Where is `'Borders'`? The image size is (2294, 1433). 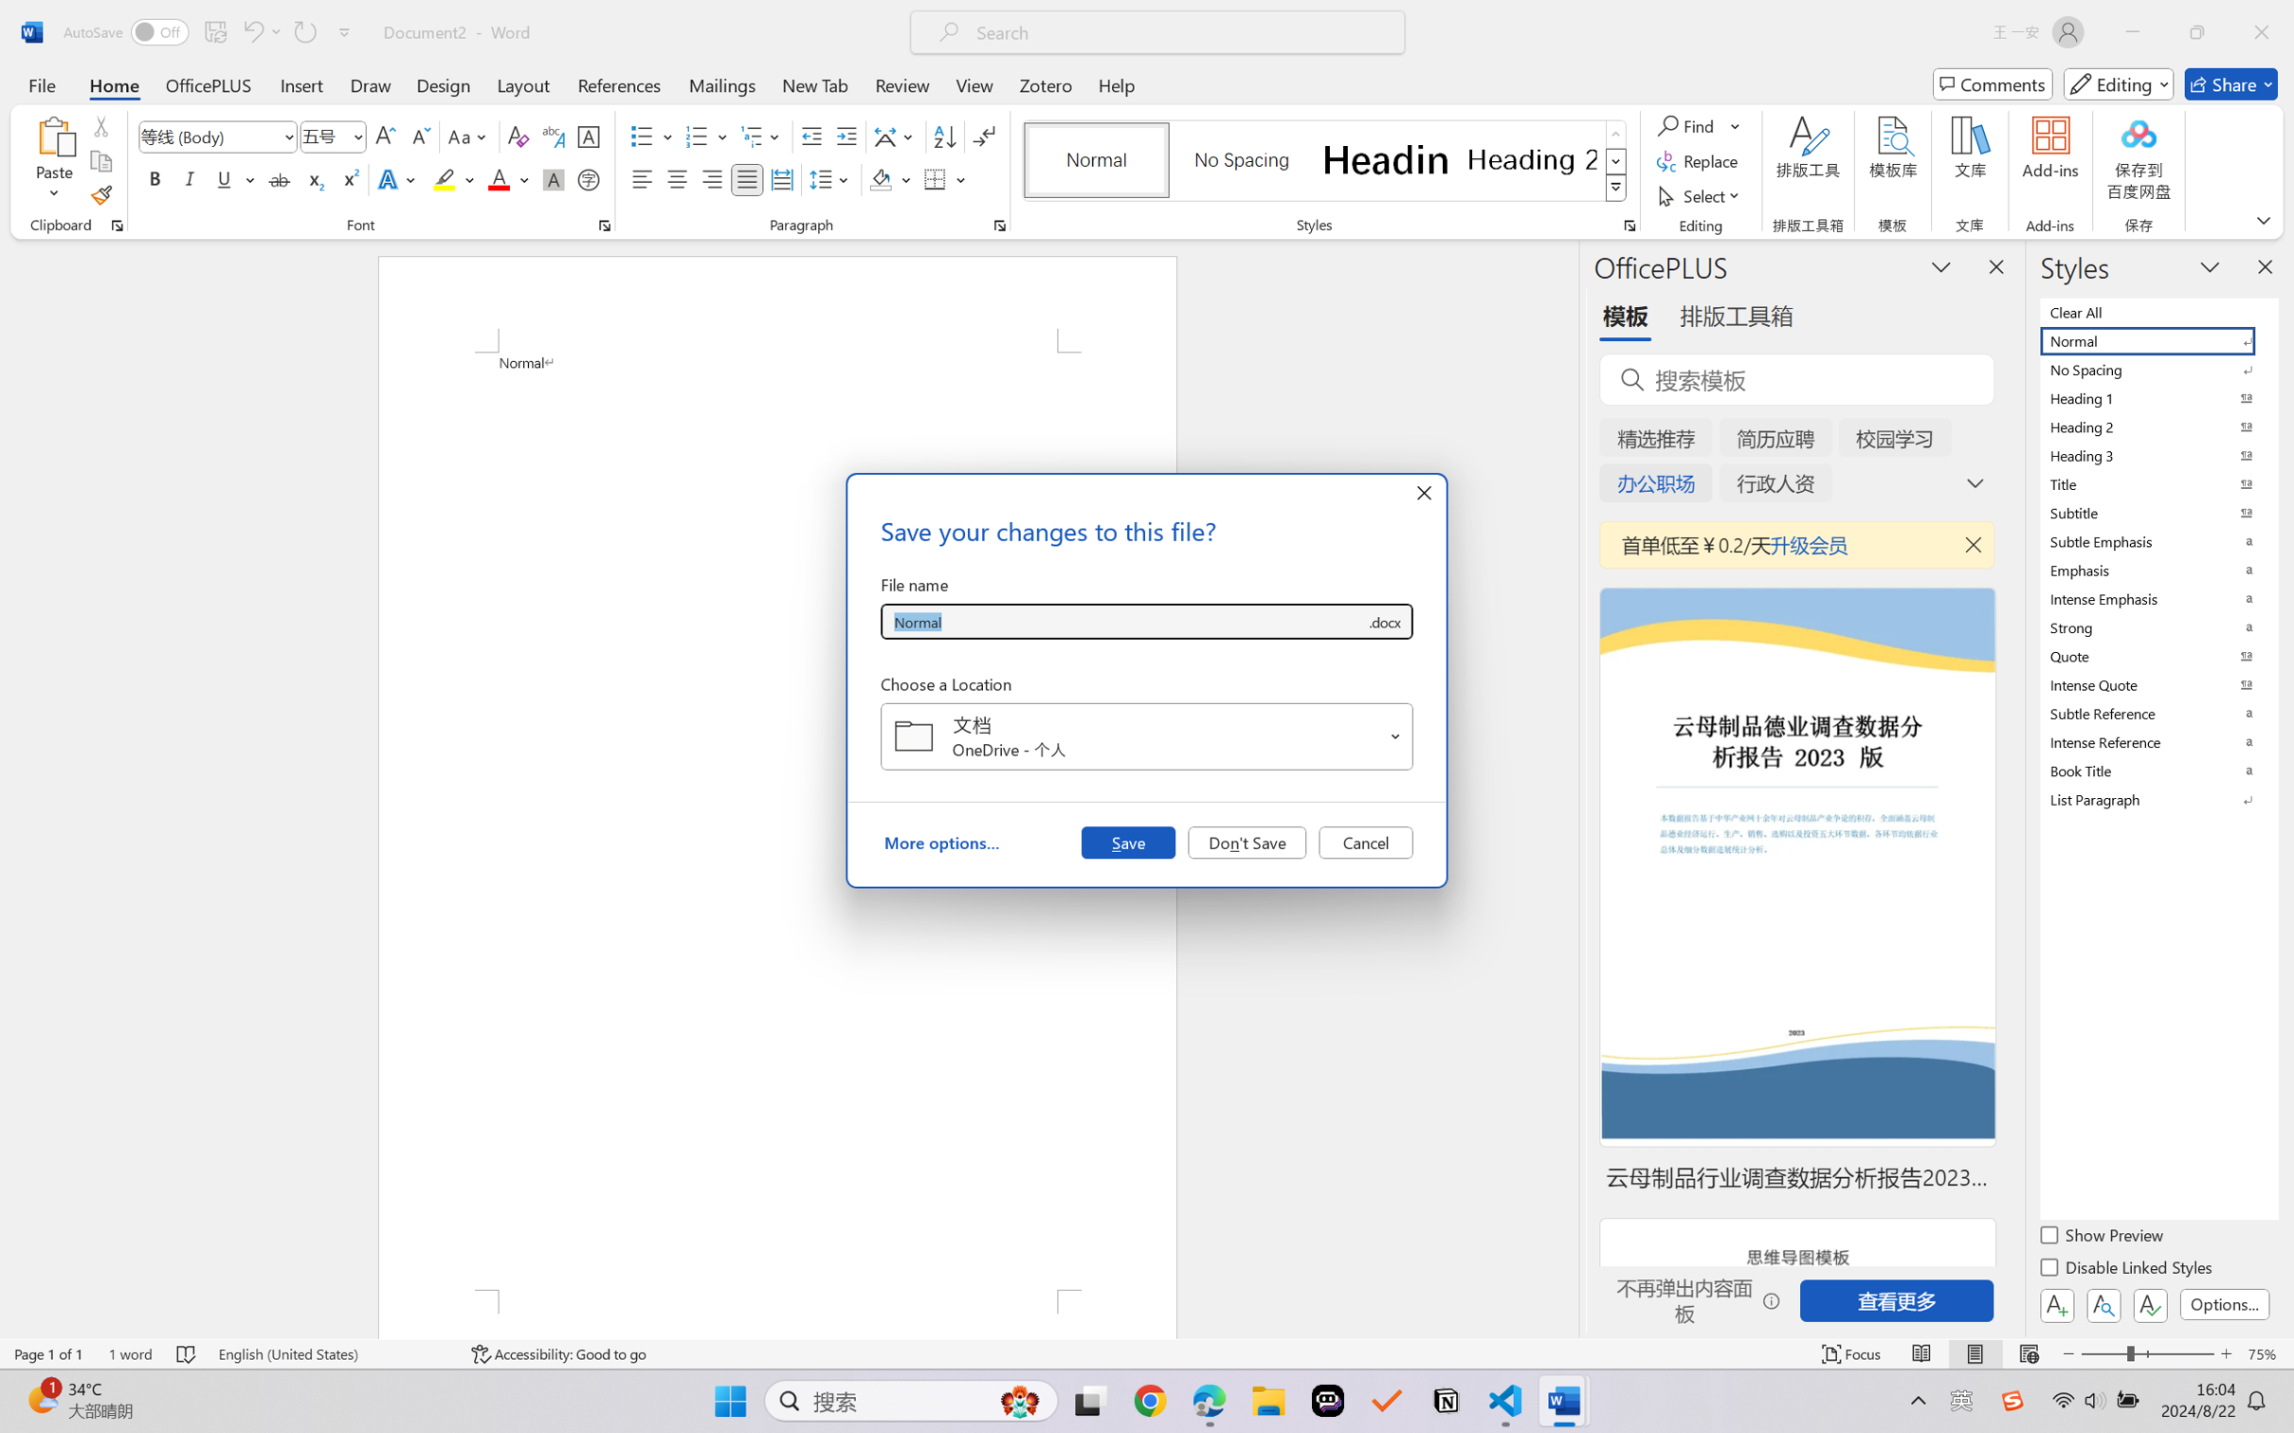 'Borders' is located at coordinates (944, 178).